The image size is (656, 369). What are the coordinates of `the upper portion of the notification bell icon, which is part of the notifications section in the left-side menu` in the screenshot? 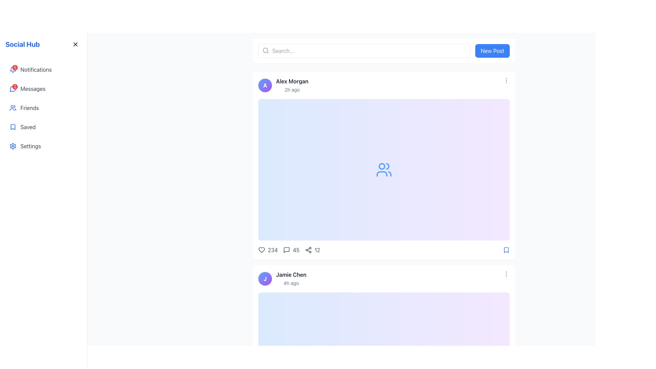 It's located at (13, 69).